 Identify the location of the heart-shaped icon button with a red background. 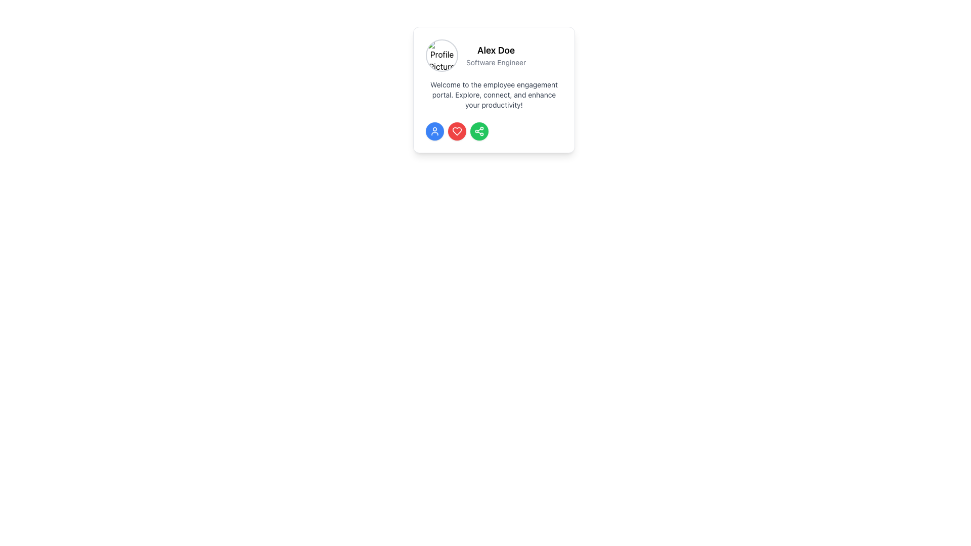
(456, 130).